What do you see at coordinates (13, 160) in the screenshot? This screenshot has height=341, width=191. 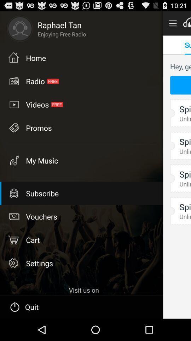 I see `the music icon` at bounding box center [13, 160].